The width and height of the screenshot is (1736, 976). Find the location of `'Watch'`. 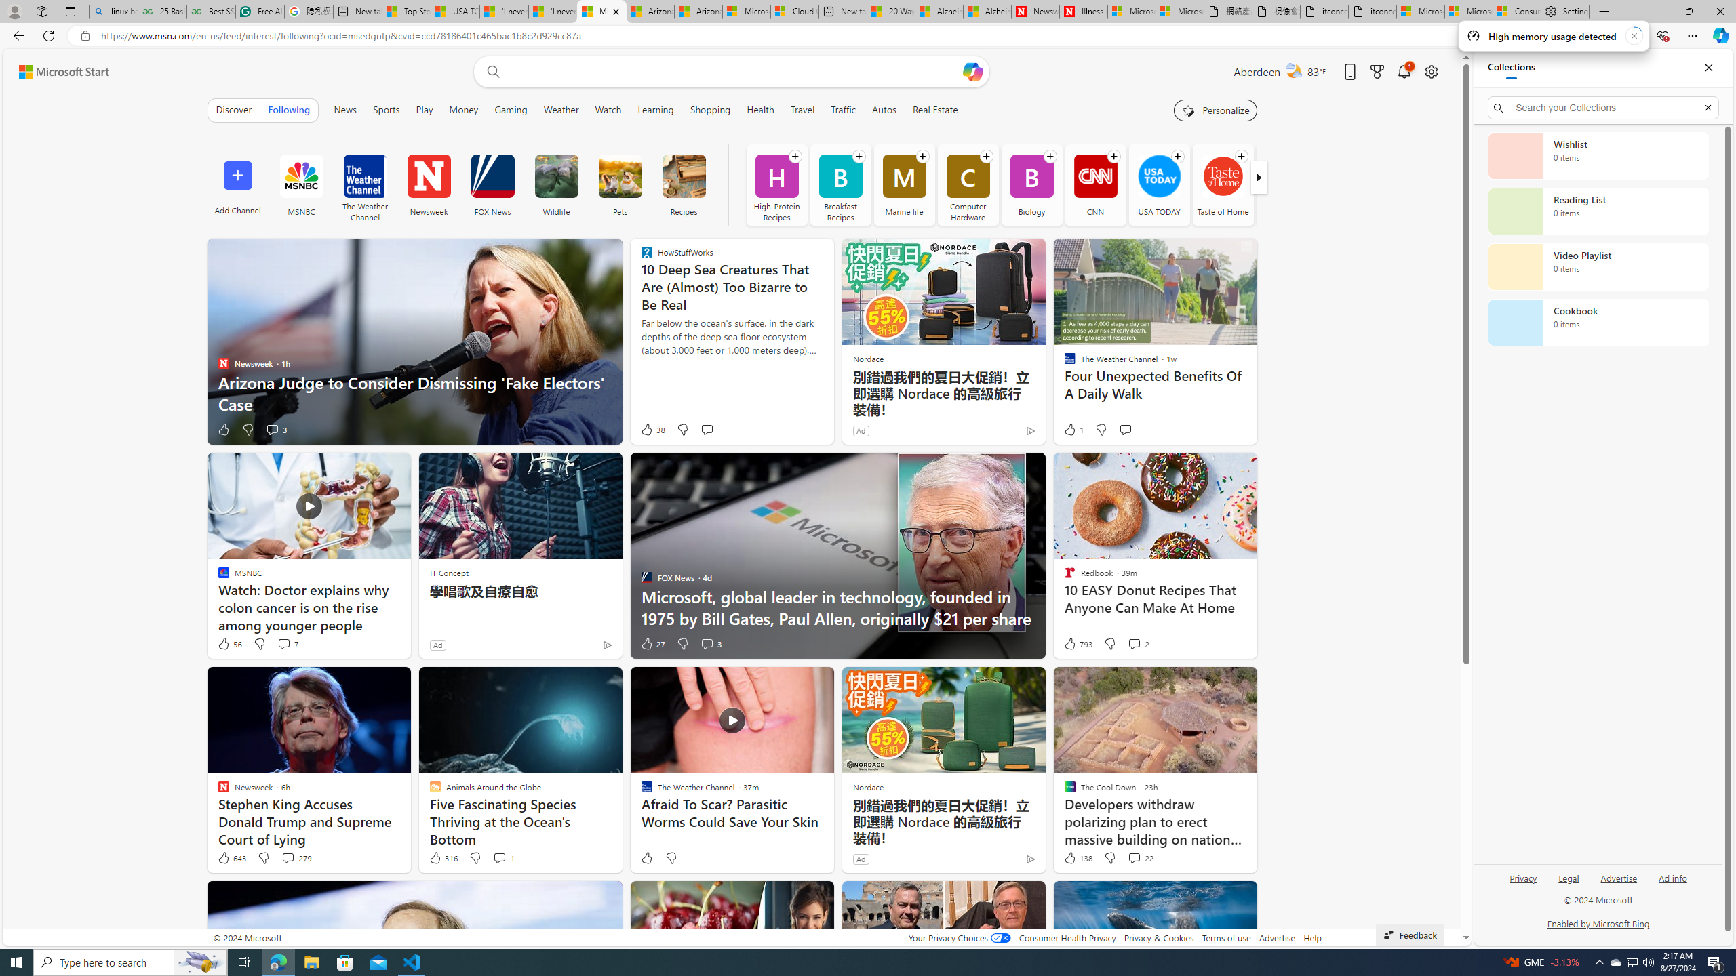

'Watch' is located at coordinates (608, 109).